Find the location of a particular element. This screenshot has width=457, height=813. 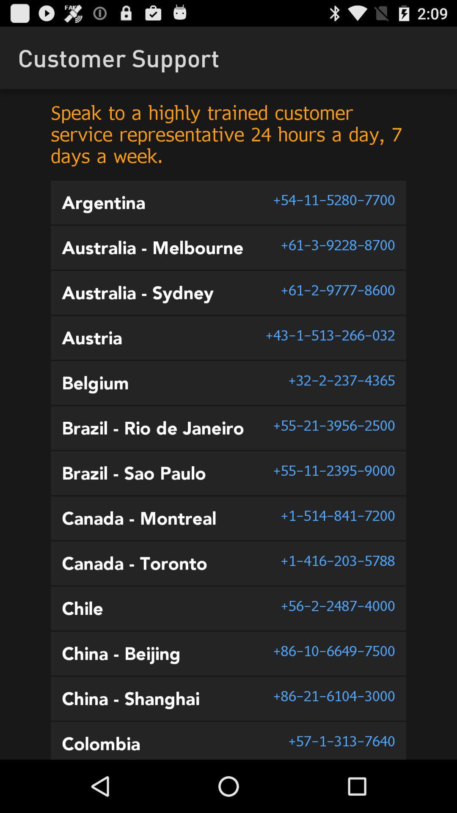

item next to the australia - sydney is located at coordinates (337, 290).